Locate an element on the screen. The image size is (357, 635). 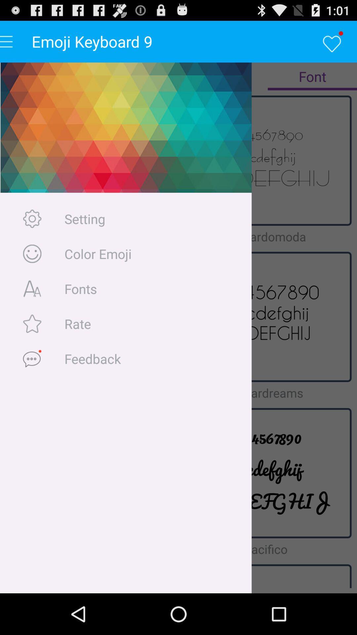
the smiley emoji next to color emoji is located at coordinates (32, 253).